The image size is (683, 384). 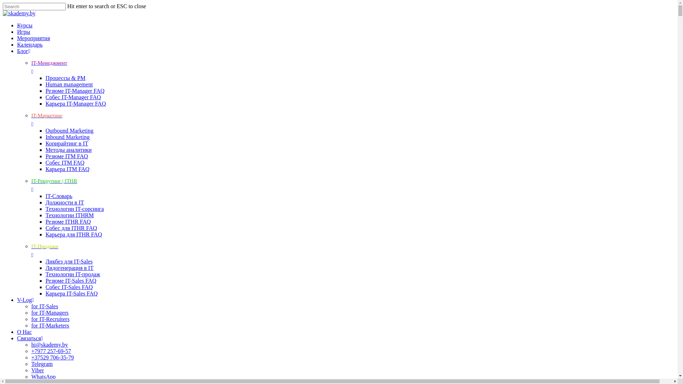 I want to click on 'for IT-Managers', so click(x=49, y=312).